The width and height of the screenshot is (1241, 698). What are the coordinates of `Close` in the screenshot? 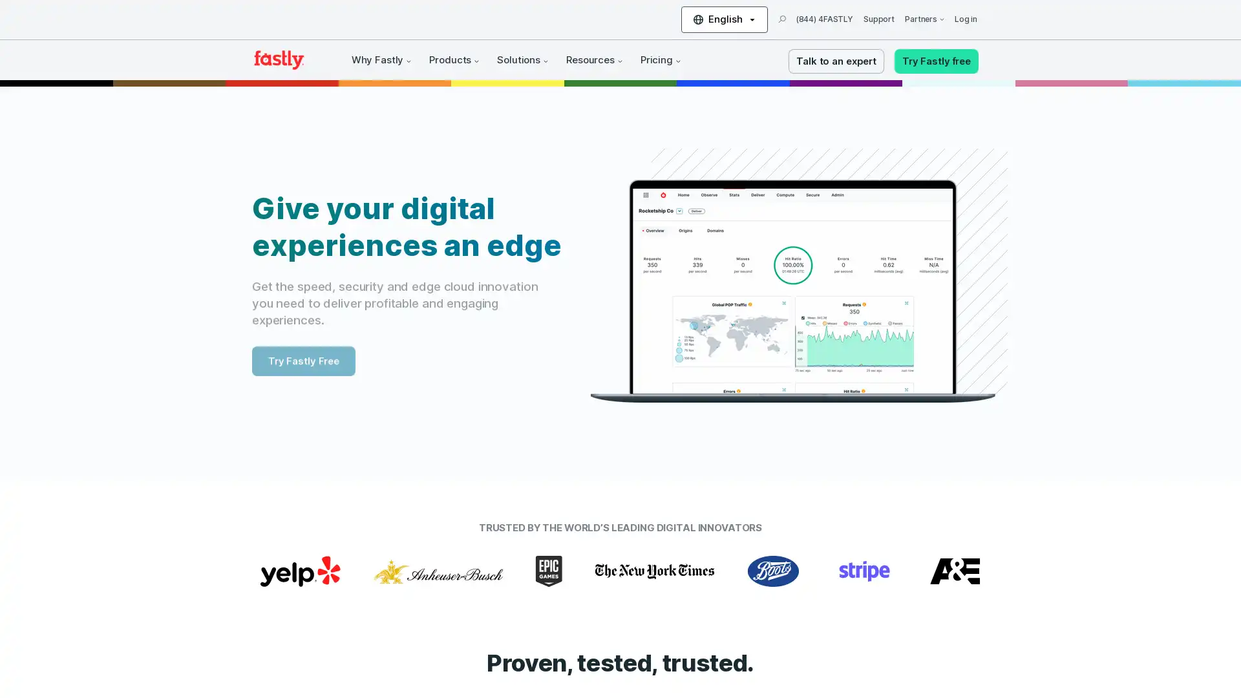 It's located at (236, 523).